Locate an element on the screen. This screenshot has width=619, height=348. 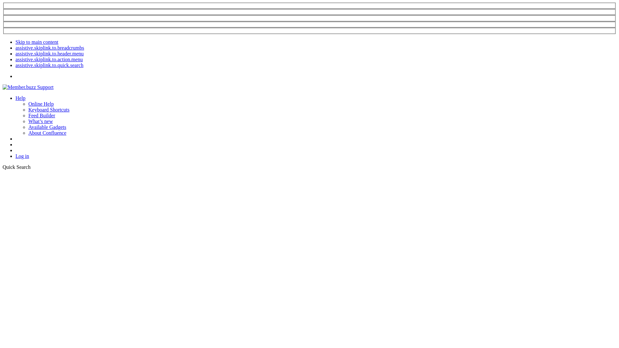
'assistive.skiplink.to.quick.search' is located at coordinates (49, 65).